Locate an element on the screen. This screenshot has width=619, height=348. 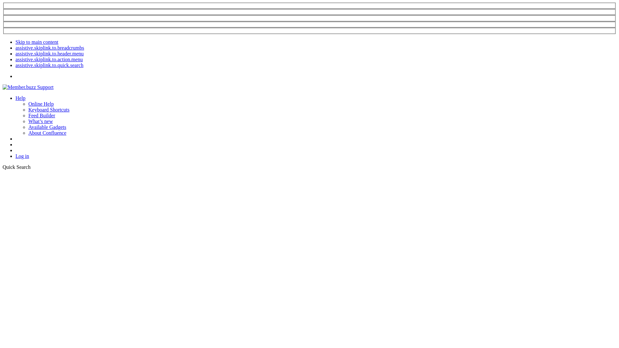
'assistive.skiplink.to.quick.search' is located at coordinates (49, 65).